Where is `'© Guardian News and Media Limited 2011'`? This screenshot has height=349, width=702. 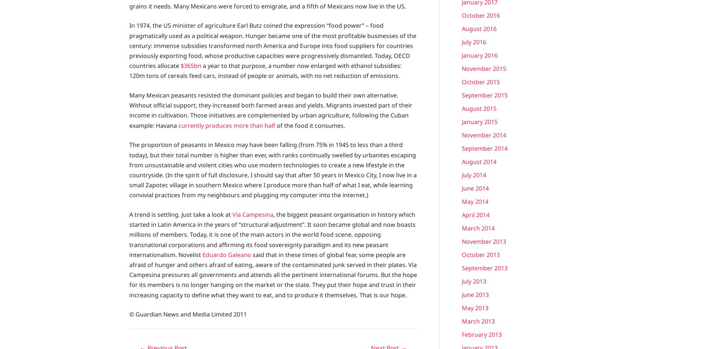
'© Guardian News and Media Limited 2011' is located at coordinates (188, 314).